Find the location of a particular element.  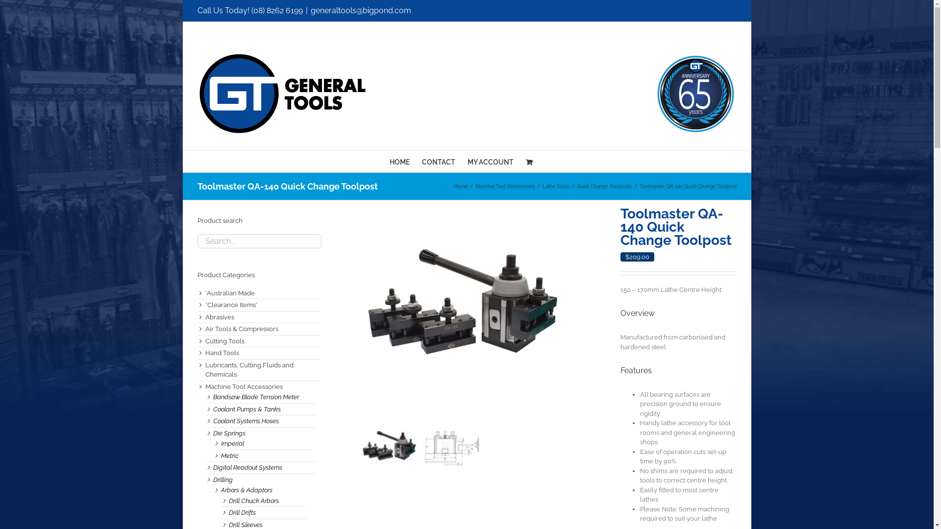

'Metric' is located at coordinates (228, 456).